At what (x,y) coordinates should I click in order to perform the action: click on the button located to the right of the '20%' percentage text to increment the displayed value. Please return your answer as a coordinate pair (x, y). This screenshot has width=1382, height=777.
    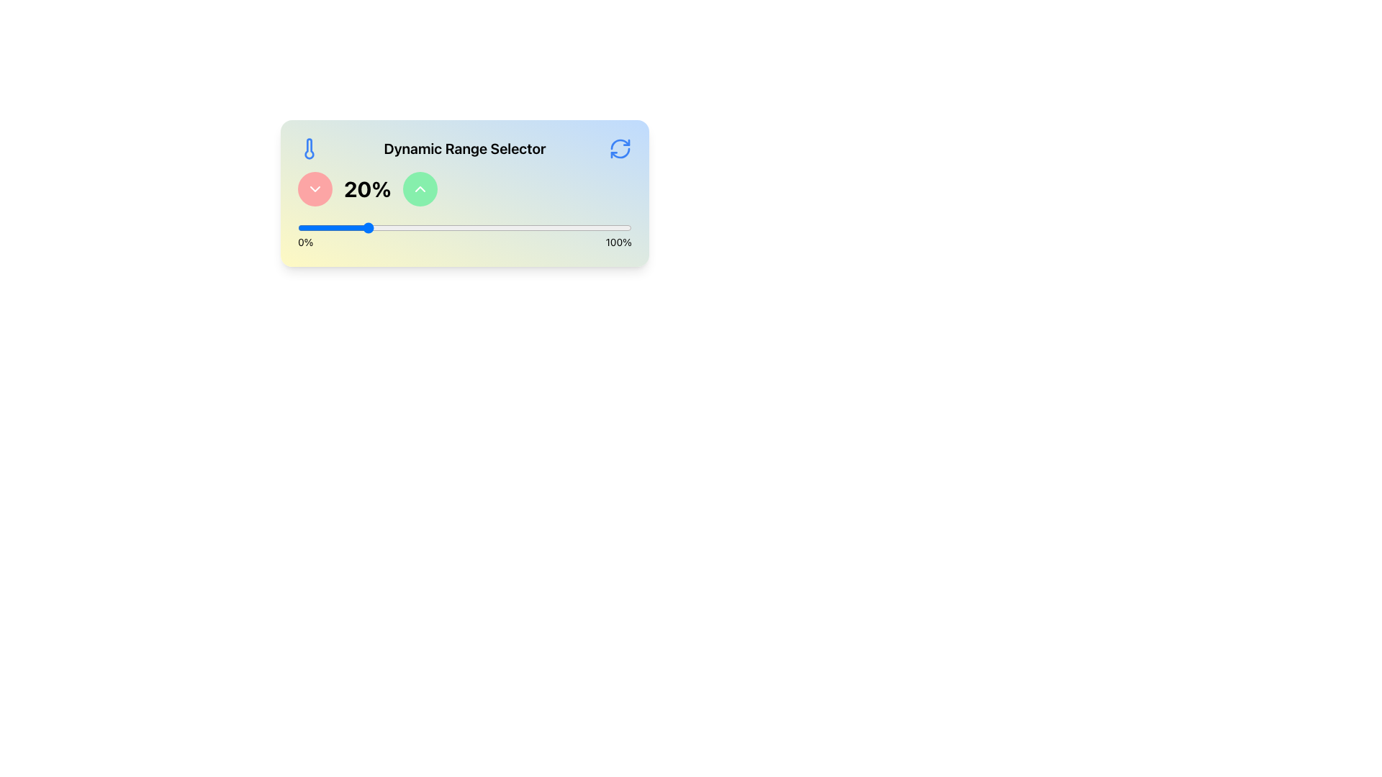
    Looking at the image, I should click on (419, 188).